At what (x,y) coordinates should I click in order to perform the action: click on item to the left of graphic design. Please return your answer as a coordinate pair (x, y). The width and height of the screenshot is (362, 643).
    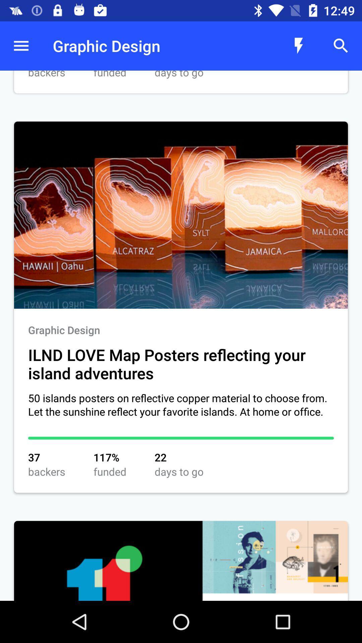
    Looking at the image, I should click on (20, 46).